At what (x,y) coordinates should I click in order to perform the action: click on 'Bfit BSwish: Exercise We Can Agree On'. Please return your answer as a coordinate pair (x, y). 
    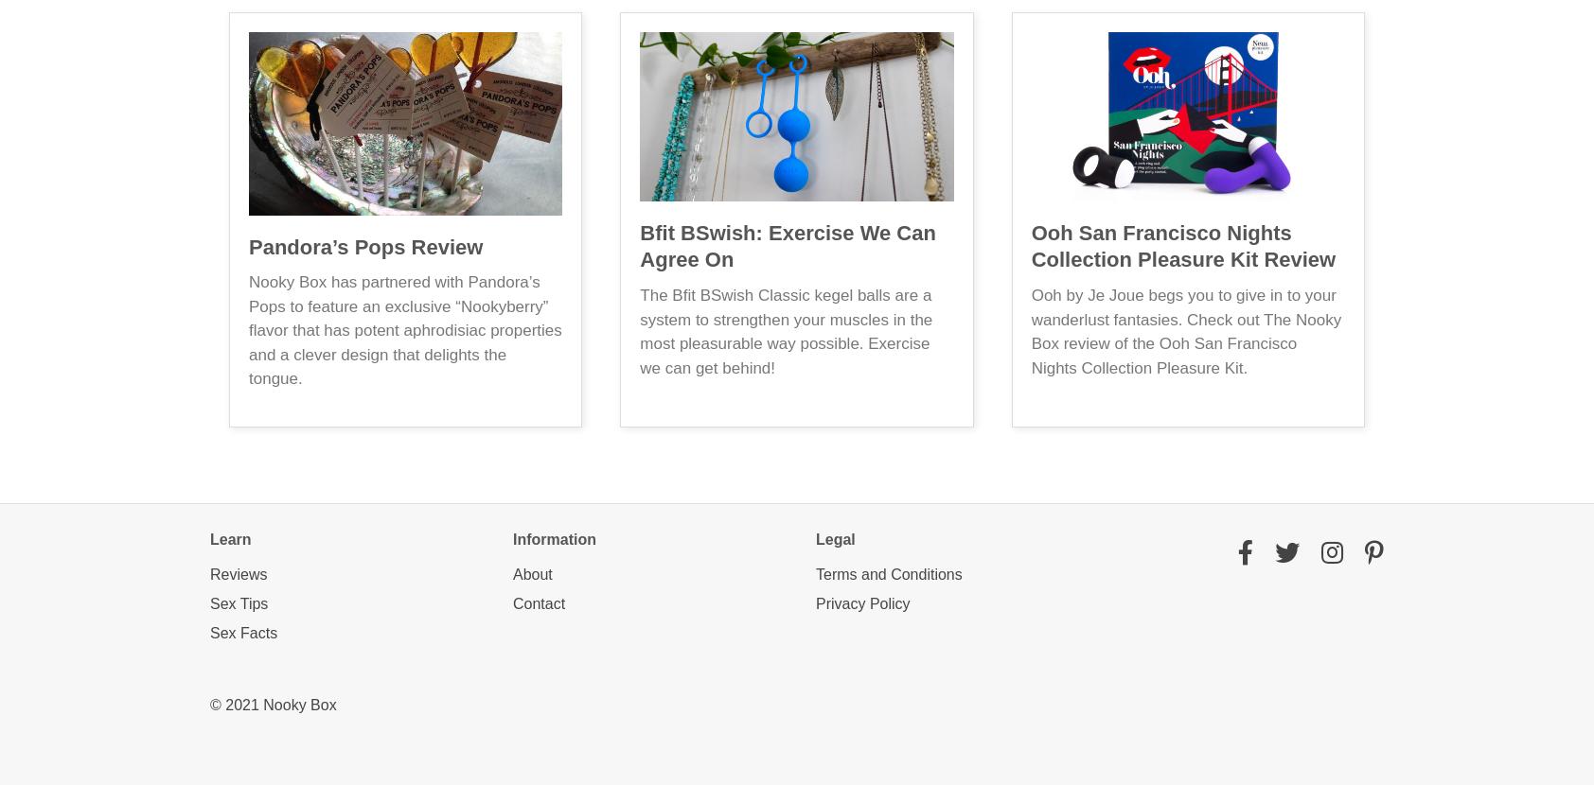
    Looking at the image, I should click on (639, 246).